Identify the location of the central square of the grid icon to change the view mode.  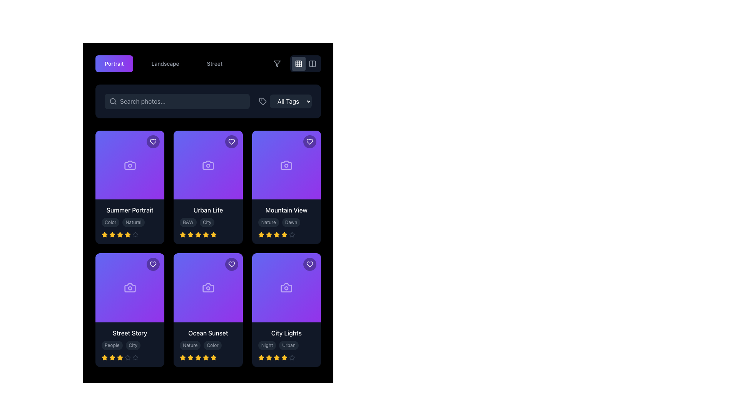
(298, 63).